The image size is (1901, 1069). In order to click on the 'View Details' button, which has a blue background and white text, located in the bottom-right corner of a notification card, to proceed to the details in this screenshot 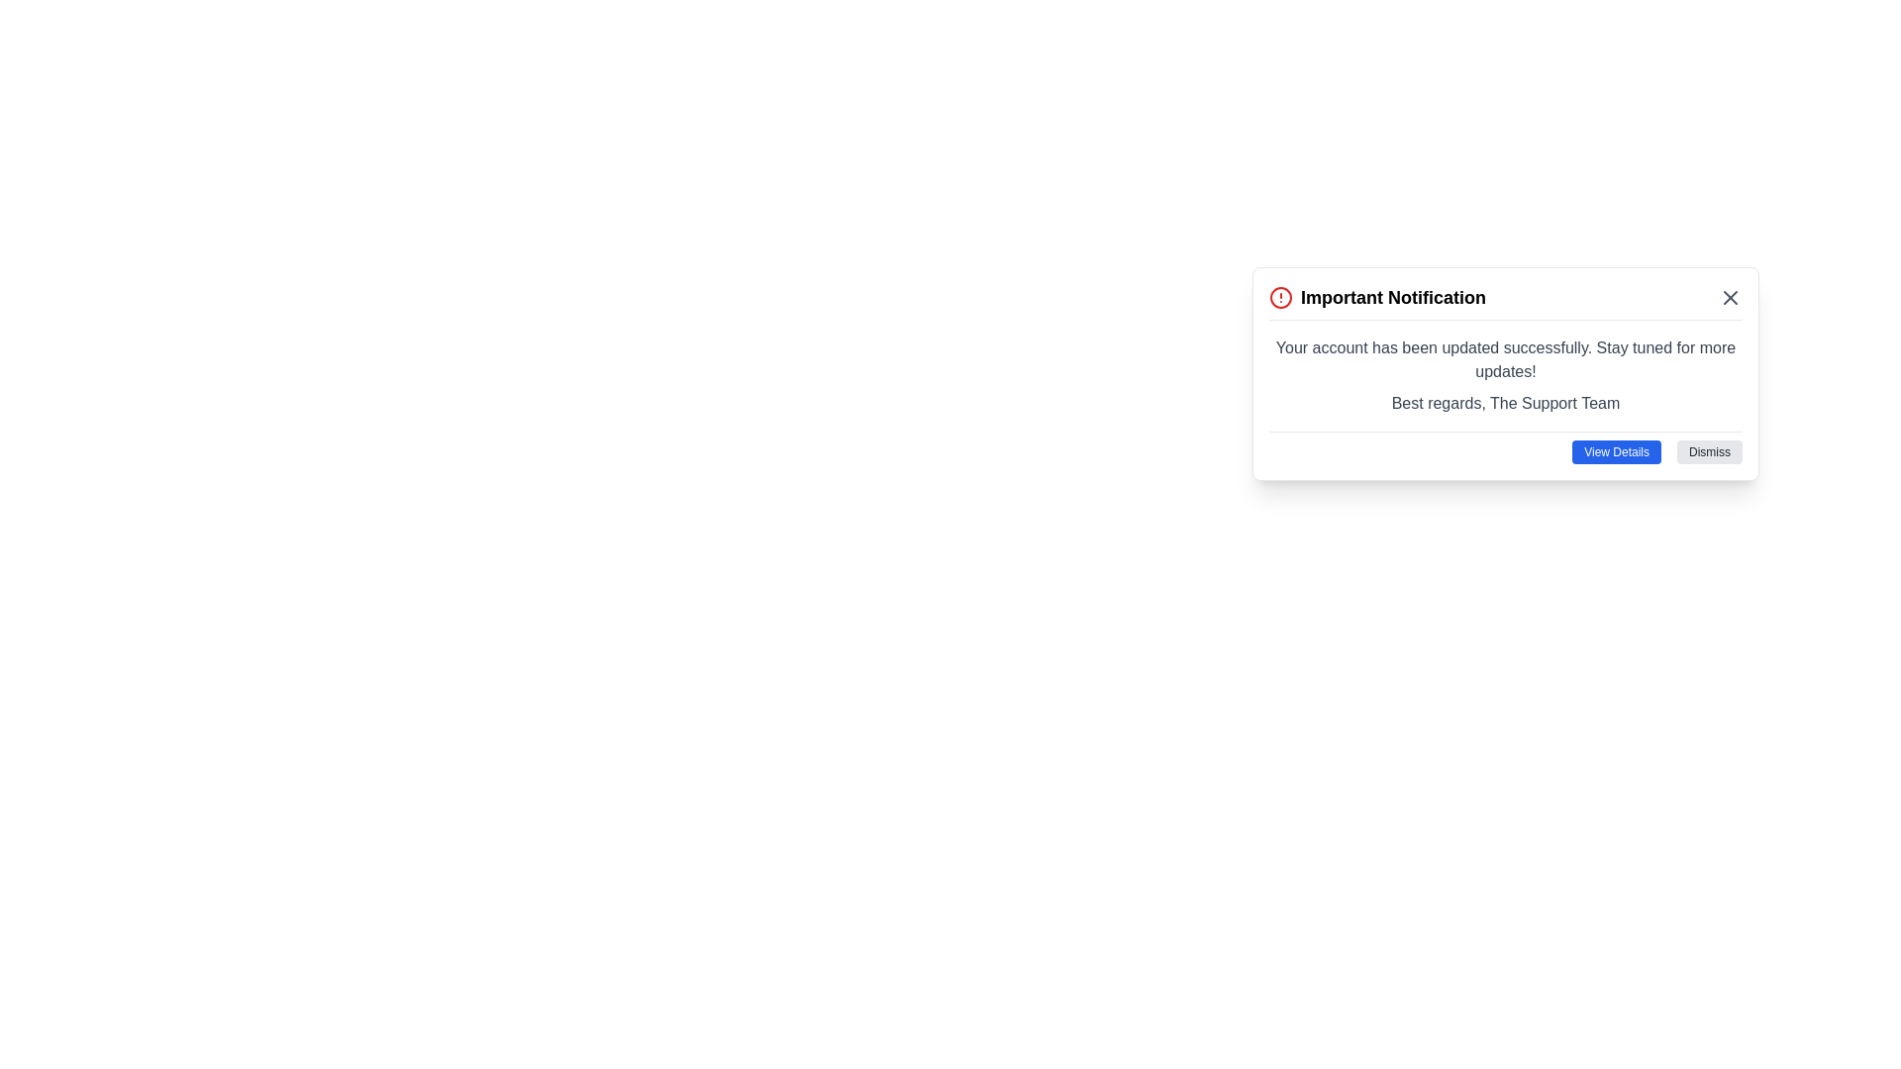, I will do `click(1617, 451)`.